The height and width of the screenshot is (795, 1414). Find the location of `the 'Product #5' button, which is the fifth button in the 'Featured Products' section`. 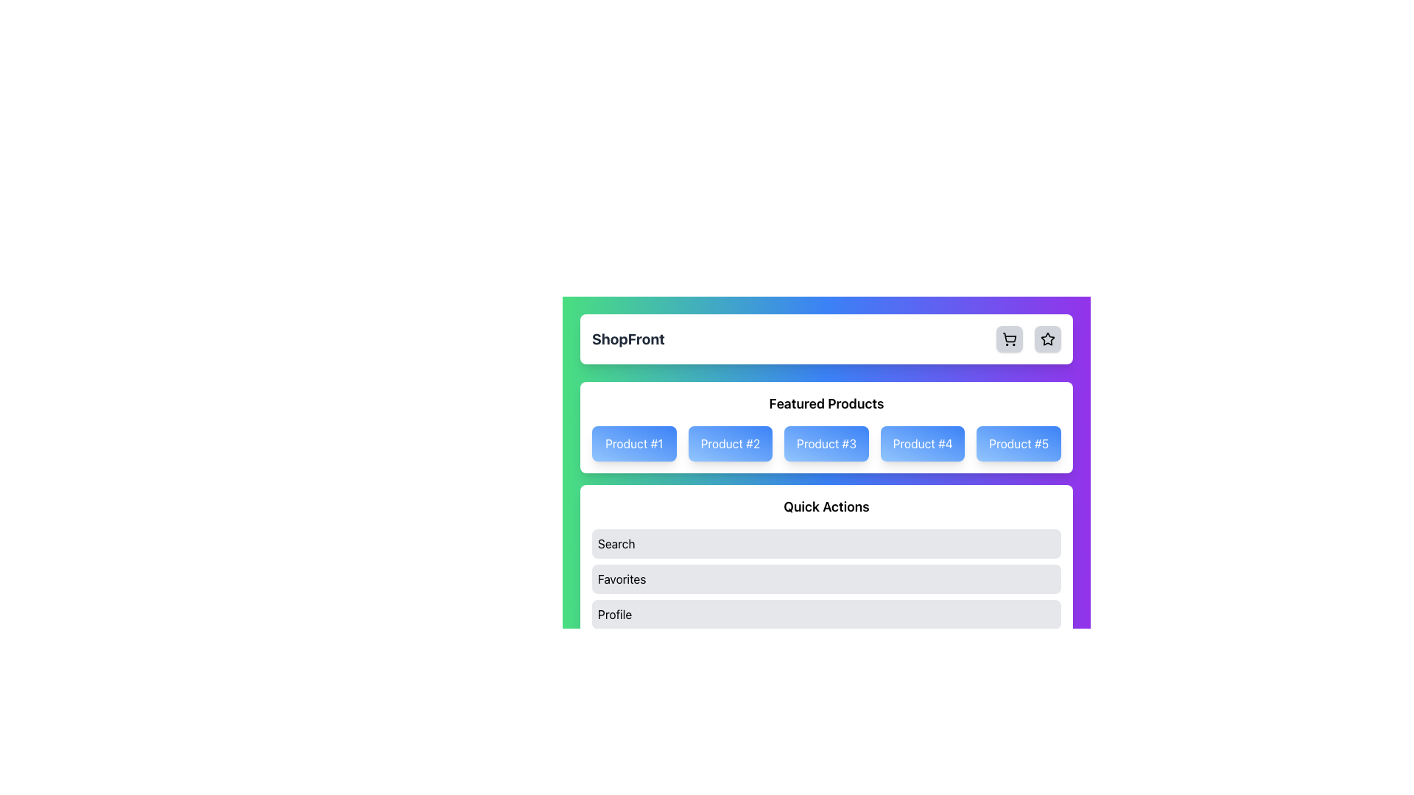

the 'Product #5' button, which is the fifth button in the 'Featured Products' section is located at coordinates (1018, 442).